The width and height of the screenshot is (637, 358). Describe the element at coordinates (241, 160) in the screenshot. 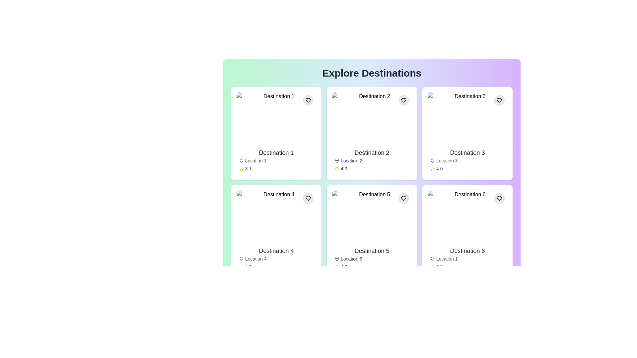

I see `the card containing the location icon, which is part of 'Destination 1' in the first column and first row of the grid layout, located to the left of 'Location 1'` at that location.